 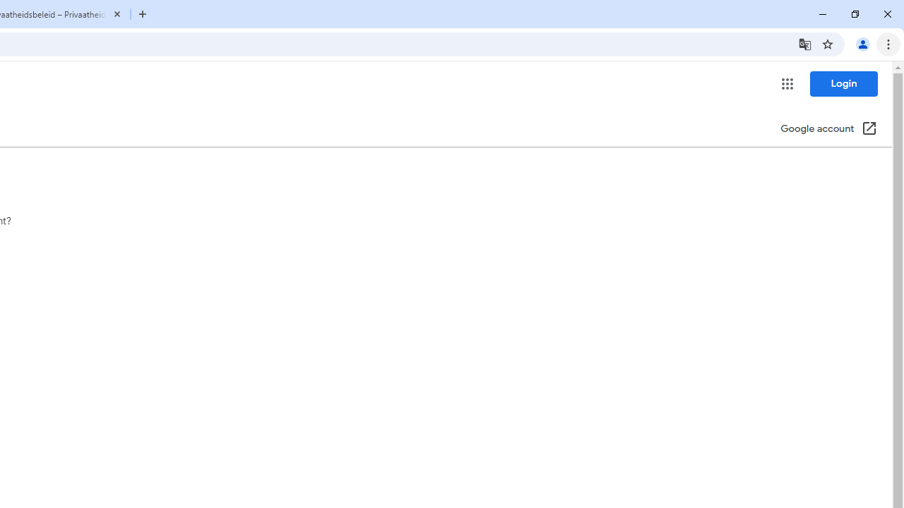 I want to click on 'Login', so click(x=843, y=83).